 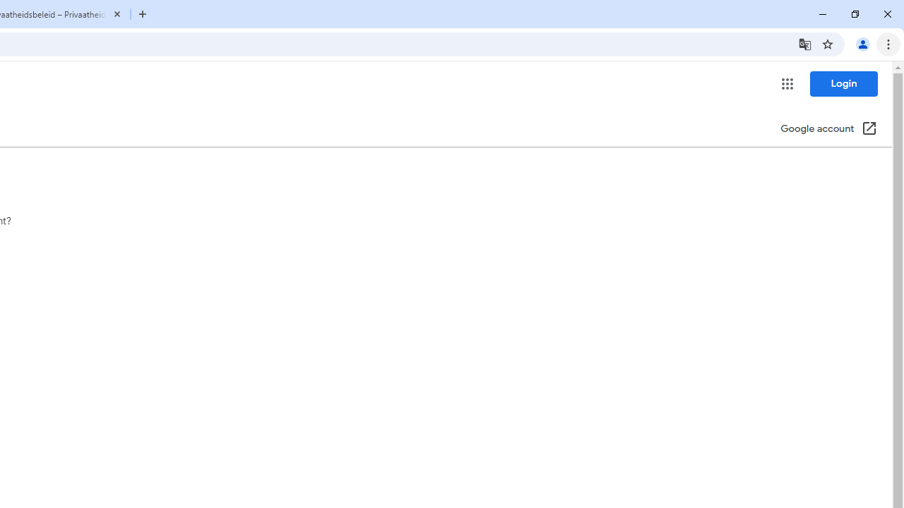 I want to click on 'Login', so click(x=843, y=83).